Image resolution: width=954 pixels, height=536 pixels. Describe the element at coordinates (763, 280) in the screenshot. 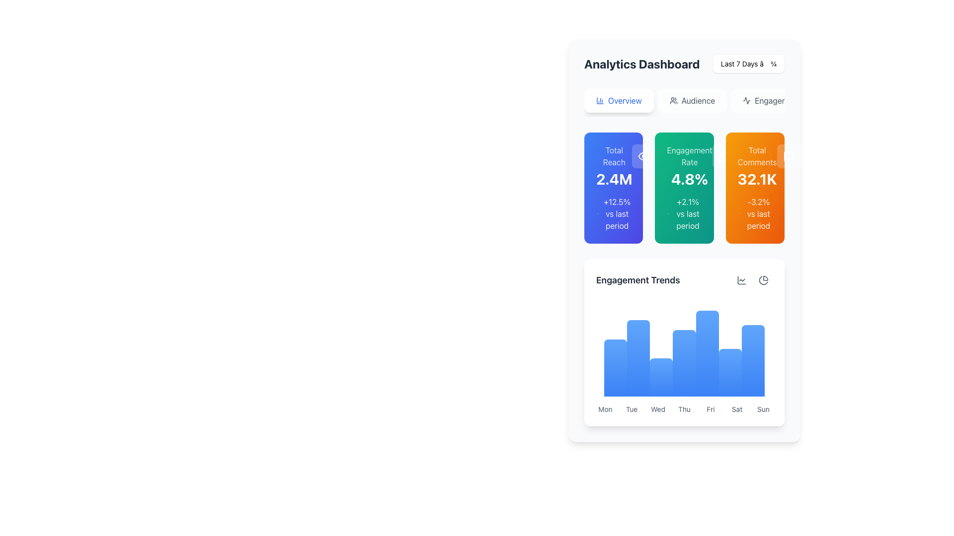

I see `the Interactive icon (button) depicting a pie chart in the top-right corner of the 'Engagement Trends' section` at that location.